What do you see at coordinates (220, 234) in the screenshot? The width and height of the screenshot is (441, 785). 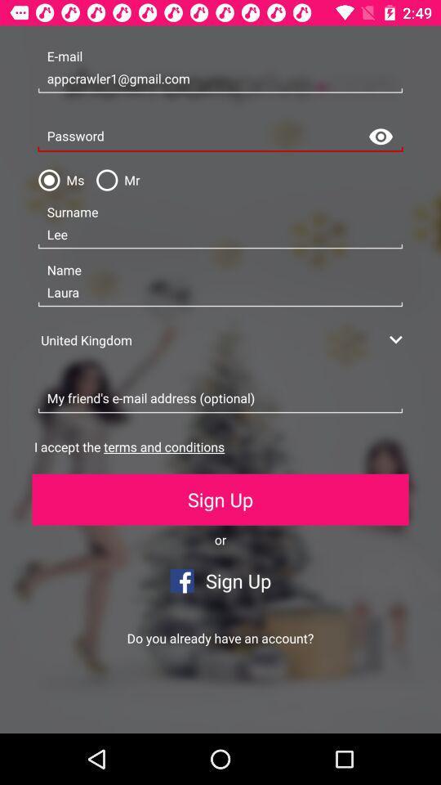 I see `the icon below the ms` at bounding box center [220, 234].